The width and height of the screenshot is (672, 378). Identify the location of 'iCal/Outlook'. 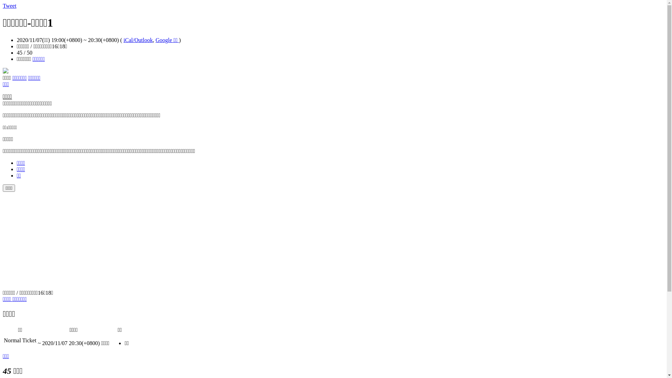
(138, 40).